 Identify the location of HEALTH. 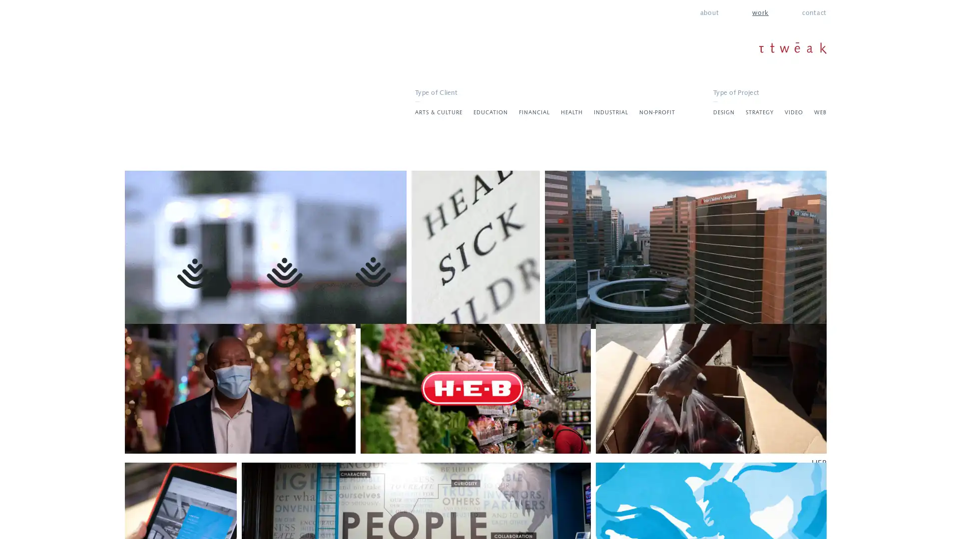
(572, 112).